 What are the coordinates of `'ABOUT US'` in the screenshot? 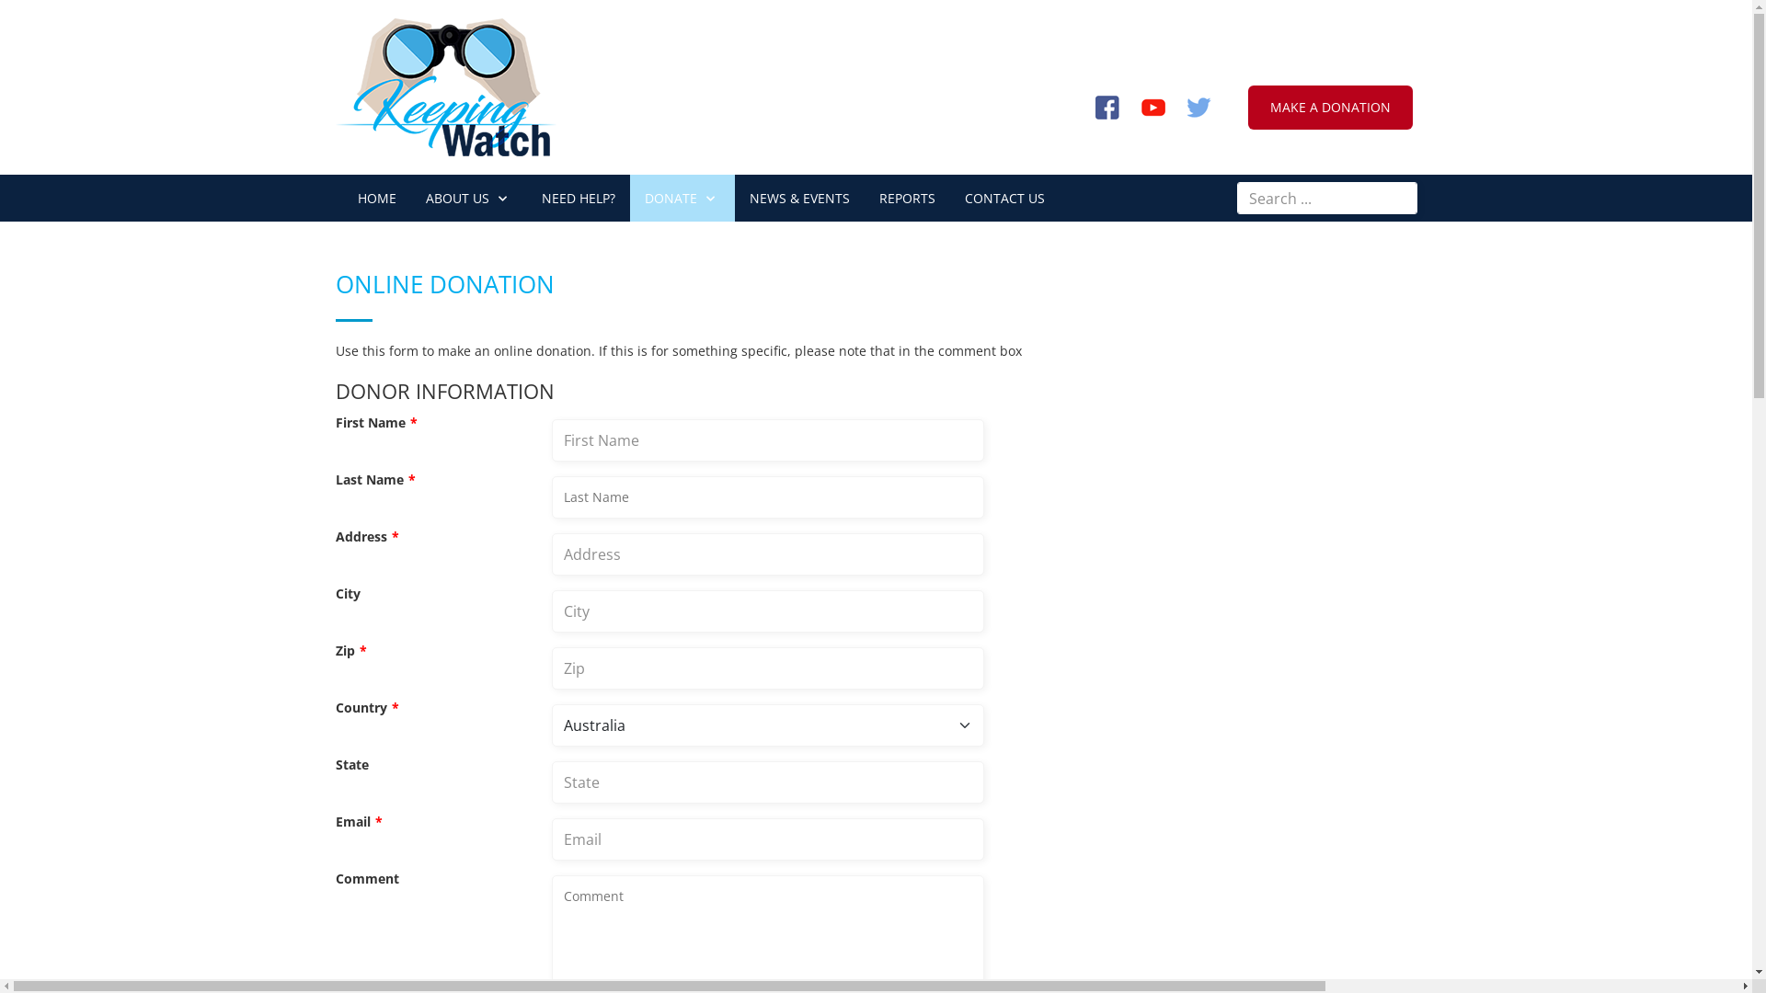 It's located at (467, 198).